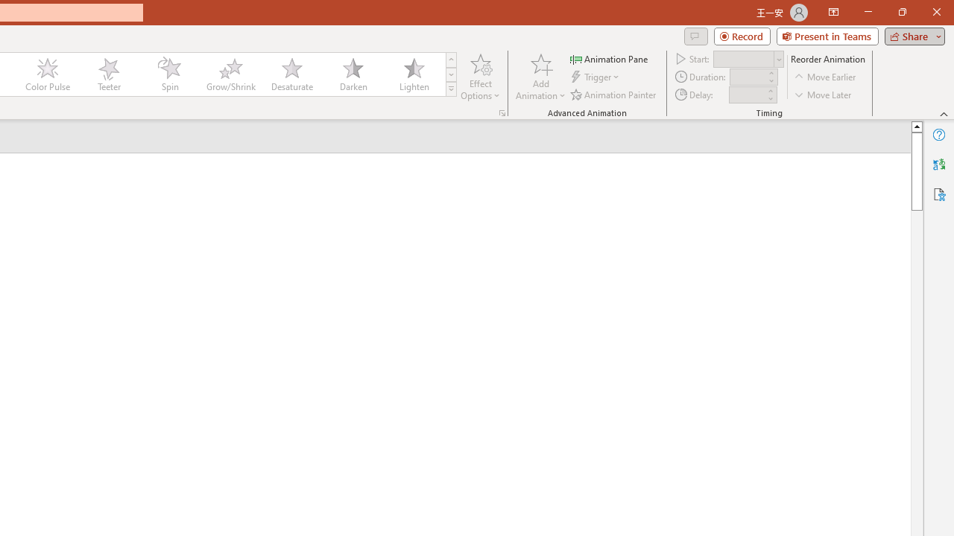 The height and width of the screenshot is (536, 954). What do you see at coordinates (450, 74) in the screenshot?
I see `'Row Down'` at bounding box center [450, 74].